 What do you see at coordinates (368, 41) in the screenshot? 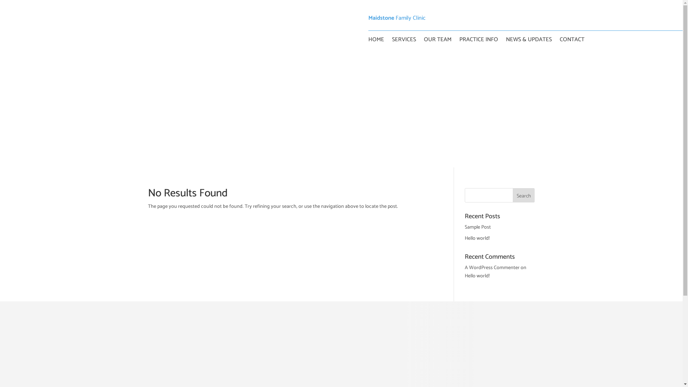
I see `'HOME'` at bounding box center [368, 41].